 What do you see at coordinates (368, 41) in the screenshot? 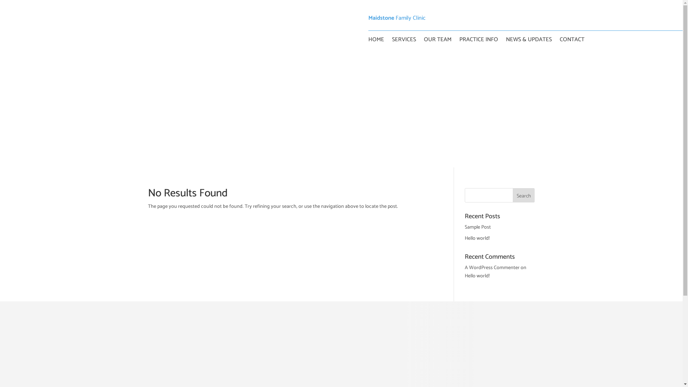
I see `'HOME'` at bounding box center [368, 41].